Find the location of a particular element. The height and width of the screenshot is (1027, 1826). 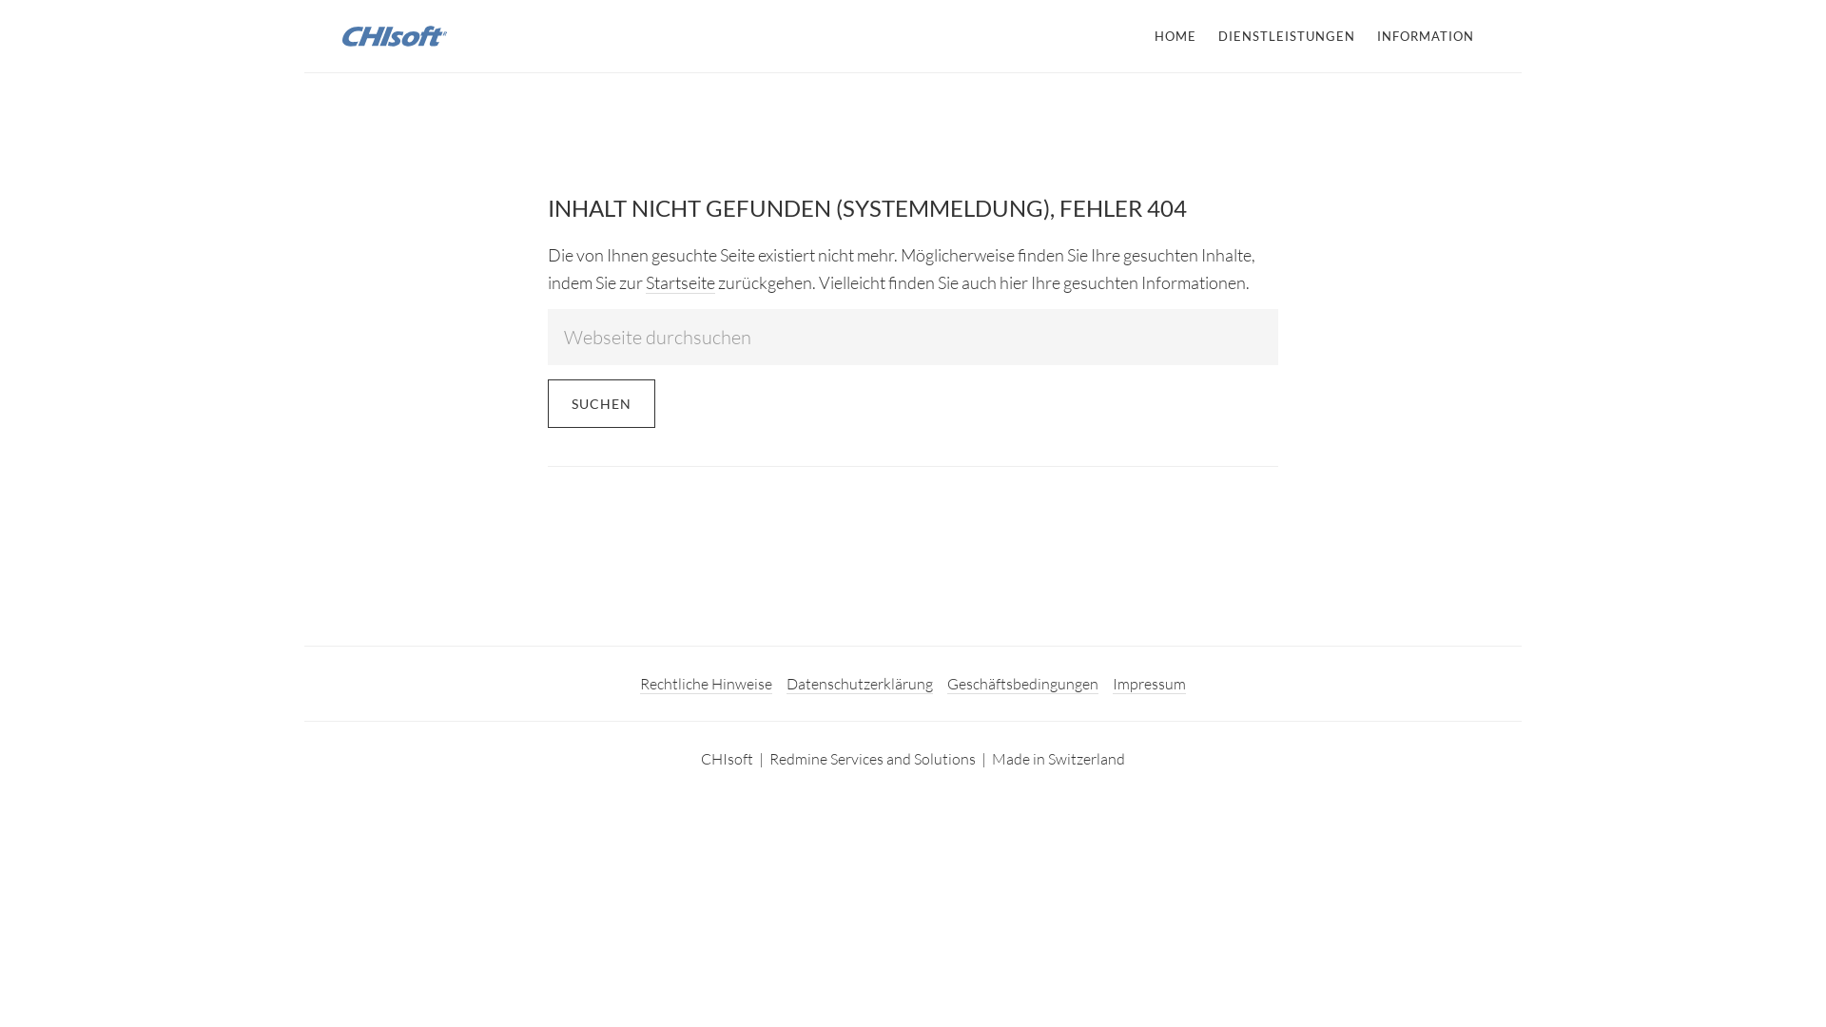

'INFORMATION' is located at coordinates (1425, 36).